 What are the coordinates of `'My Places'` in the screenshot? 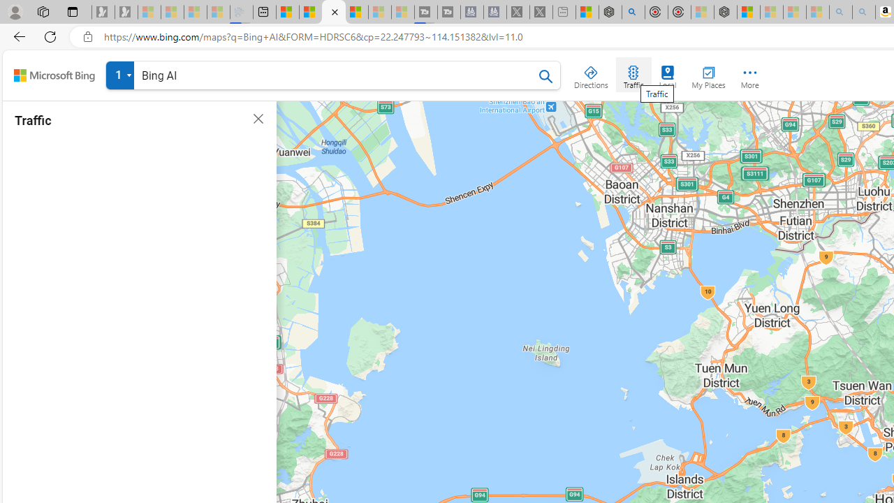 It's located at (708, 74).